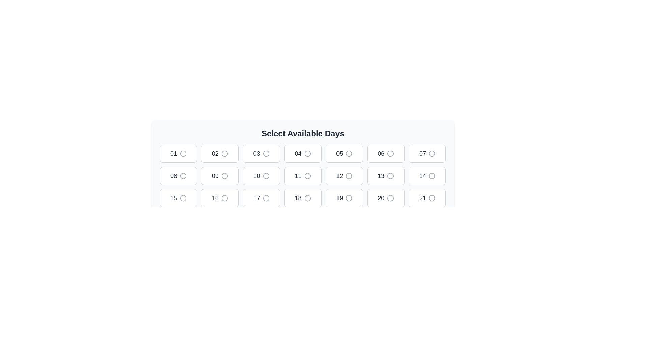 The width and height of the screenshot is (648, 364). What do you see at coordinates (307, 175) in the screenshot?
I see `the circular decorative icon adjacent to the text '11' in the calendar grid` at bounding box center [307, 175].